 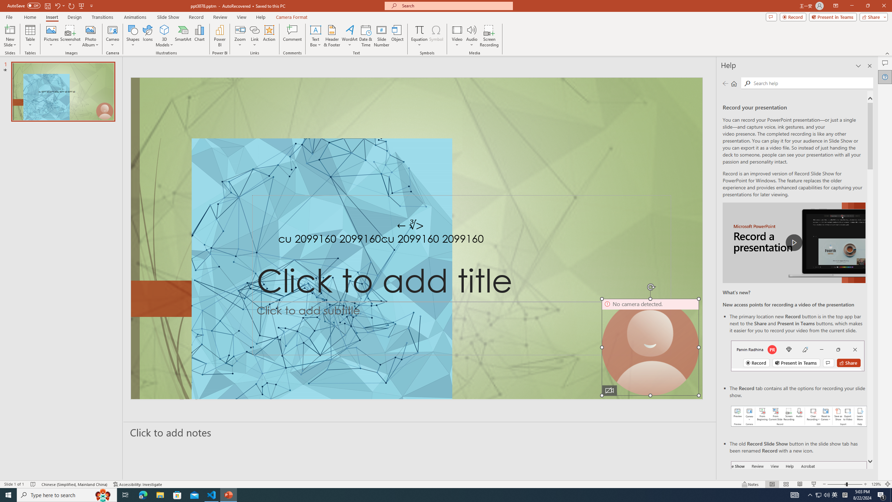 What do you see at coordinates (90, 36) in the screenshot?
I see `'Photo Album...'` at bounding box center [90, 36].